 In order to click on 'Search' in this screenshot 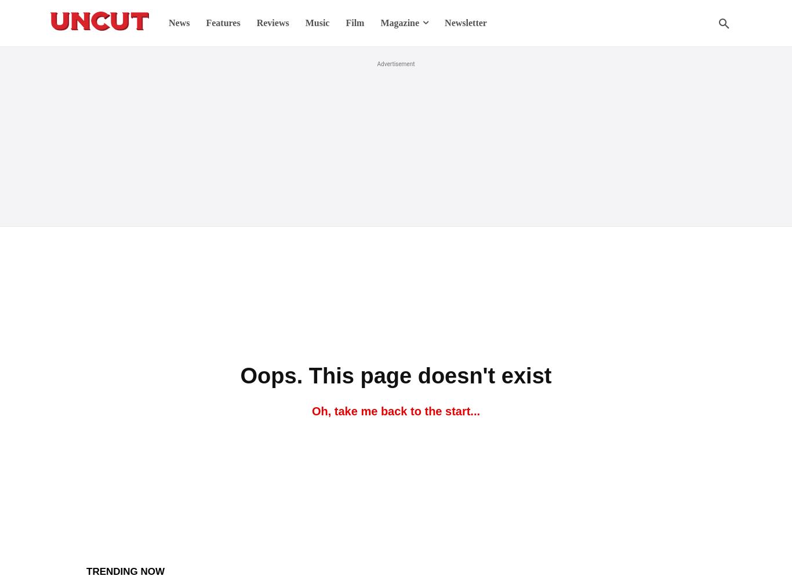, I will do `click(395, 57)`.